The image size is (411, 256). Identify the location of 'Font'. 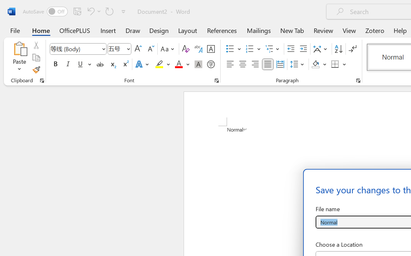
(78, 49).